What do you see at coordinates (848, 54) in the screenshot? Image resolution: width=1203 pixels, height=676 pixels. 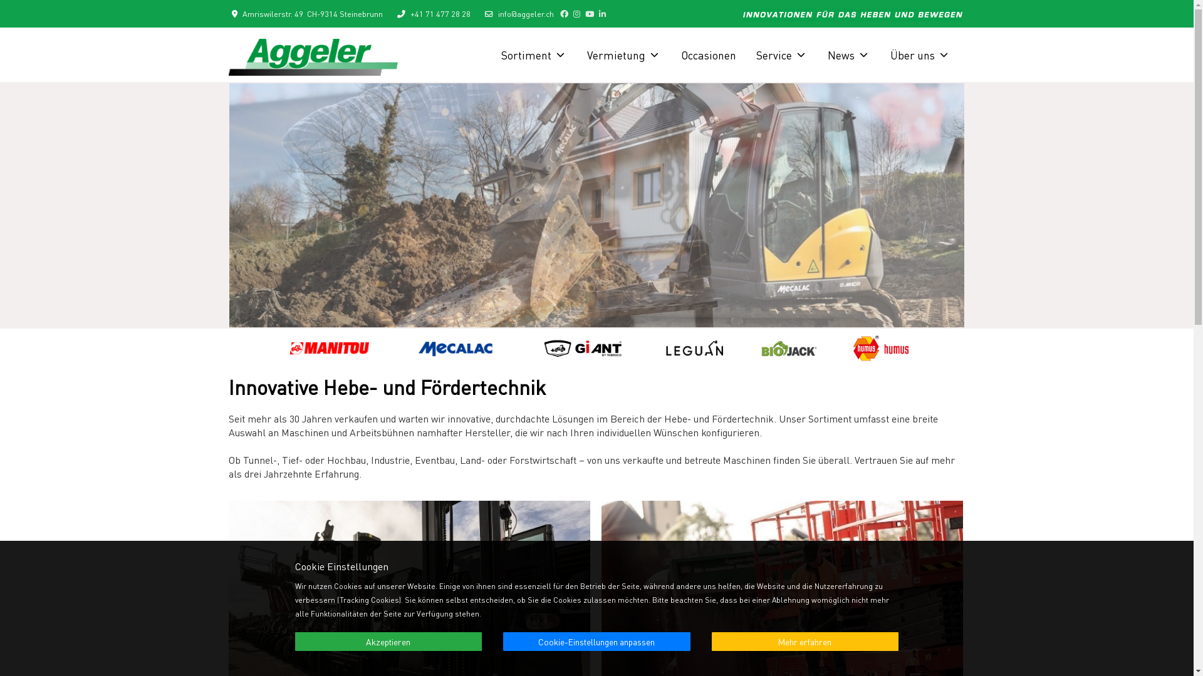 I see `'News'` at bounding box center [848, 54].